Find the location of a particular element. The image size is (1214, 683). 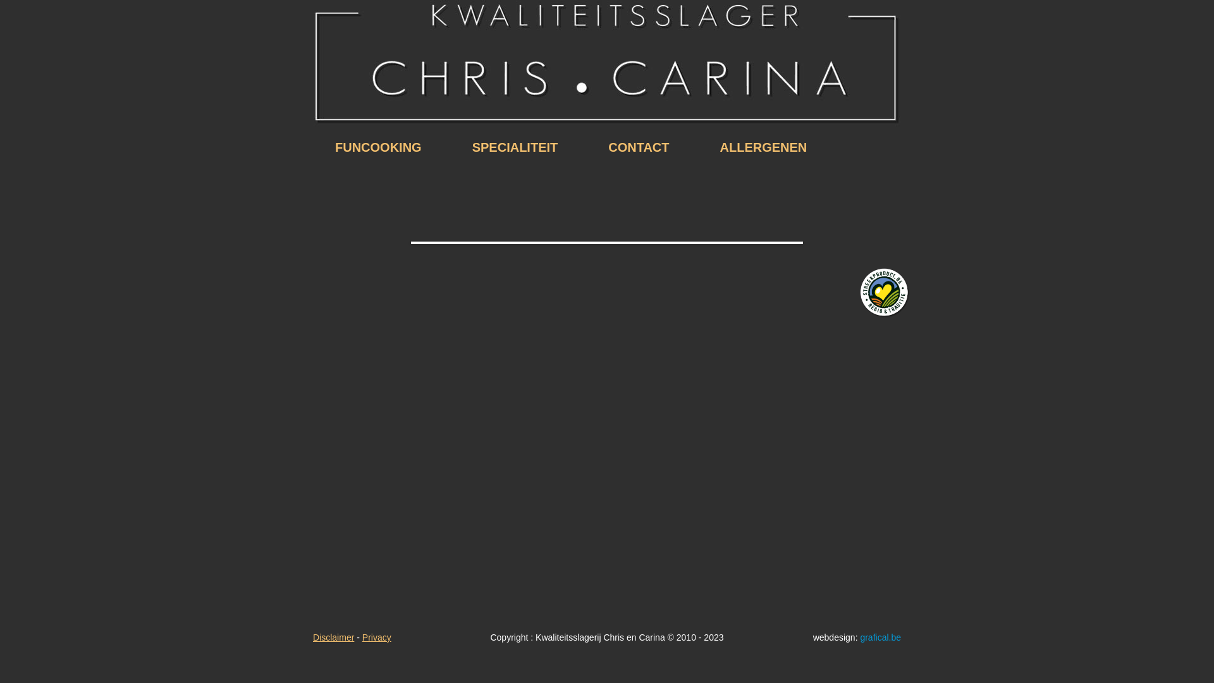

'SPECIALITEIT' is located at coordinates (515, 146).